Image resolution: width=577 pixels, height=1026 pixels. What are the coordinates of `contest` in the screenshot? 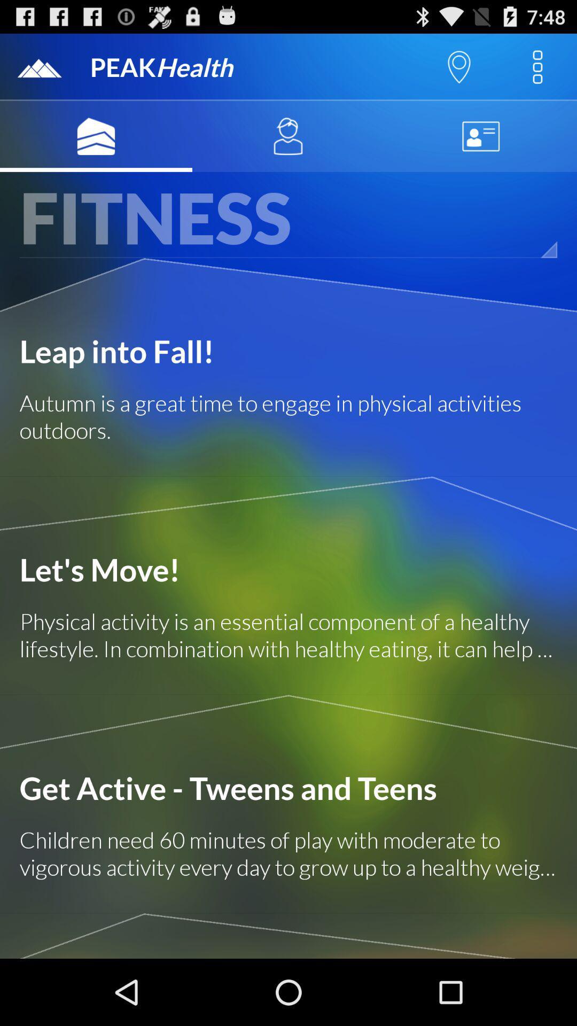 It's located at (480, 136).